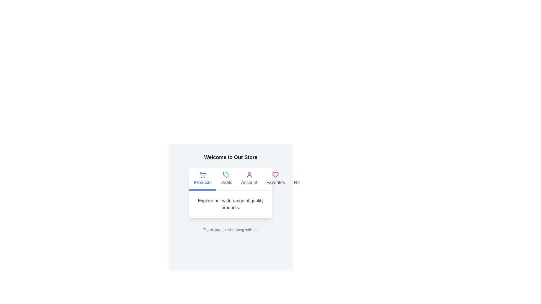  Describe the element at coordinates (203, 174) in the screenshot. I see `the blue shopping cart icon, which is located on the leftmost side of a row of icons above the 'Products' label in the main navigation area` at that location.